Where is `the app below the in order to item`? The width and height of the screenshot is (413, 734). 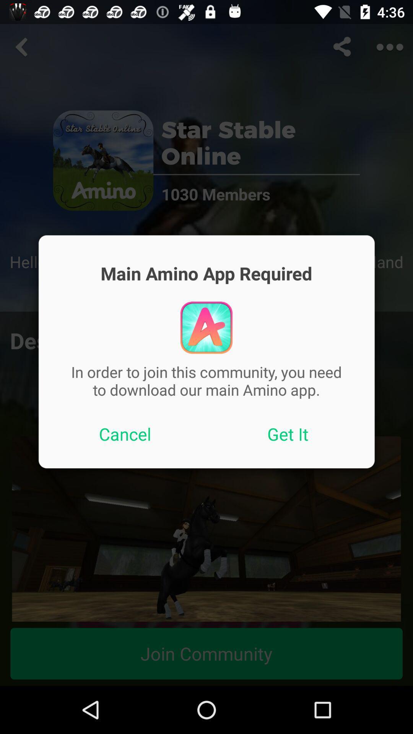 the app below the in order to item is located at coordinates (288, 434).